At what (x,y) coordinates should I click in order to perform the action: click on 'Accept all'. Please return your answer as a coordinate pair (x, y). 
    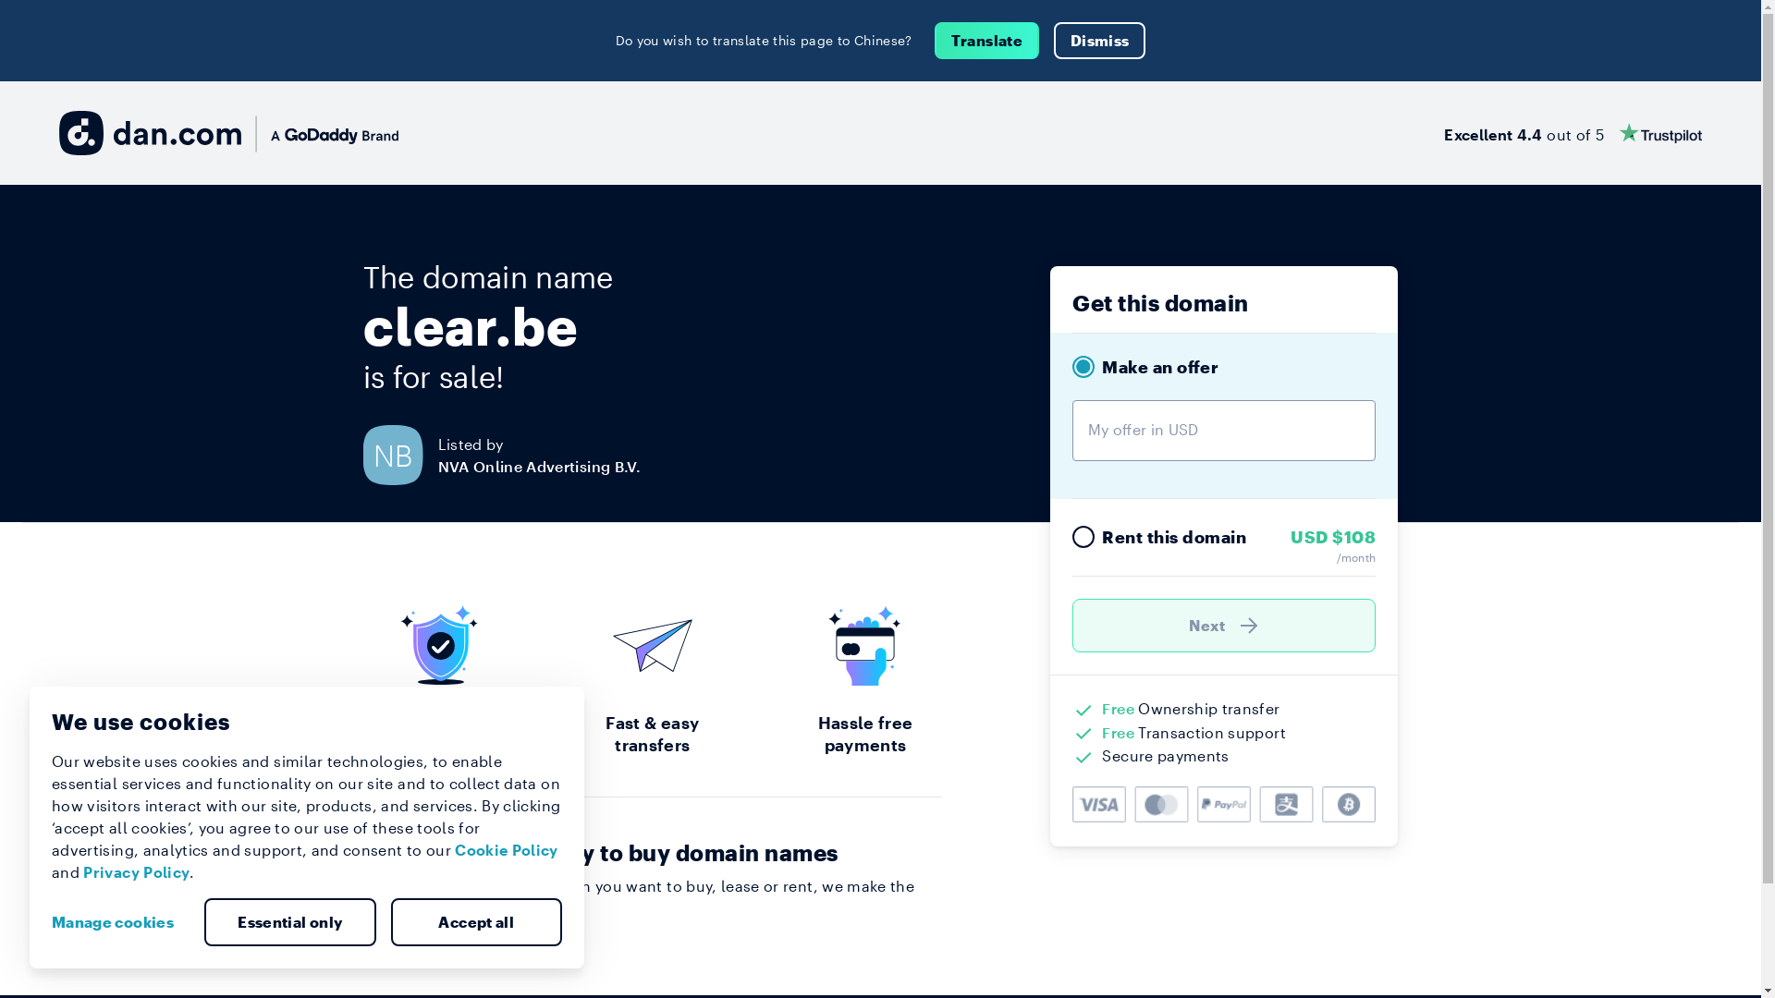
    Looking at the image, I should click on (475, 922).